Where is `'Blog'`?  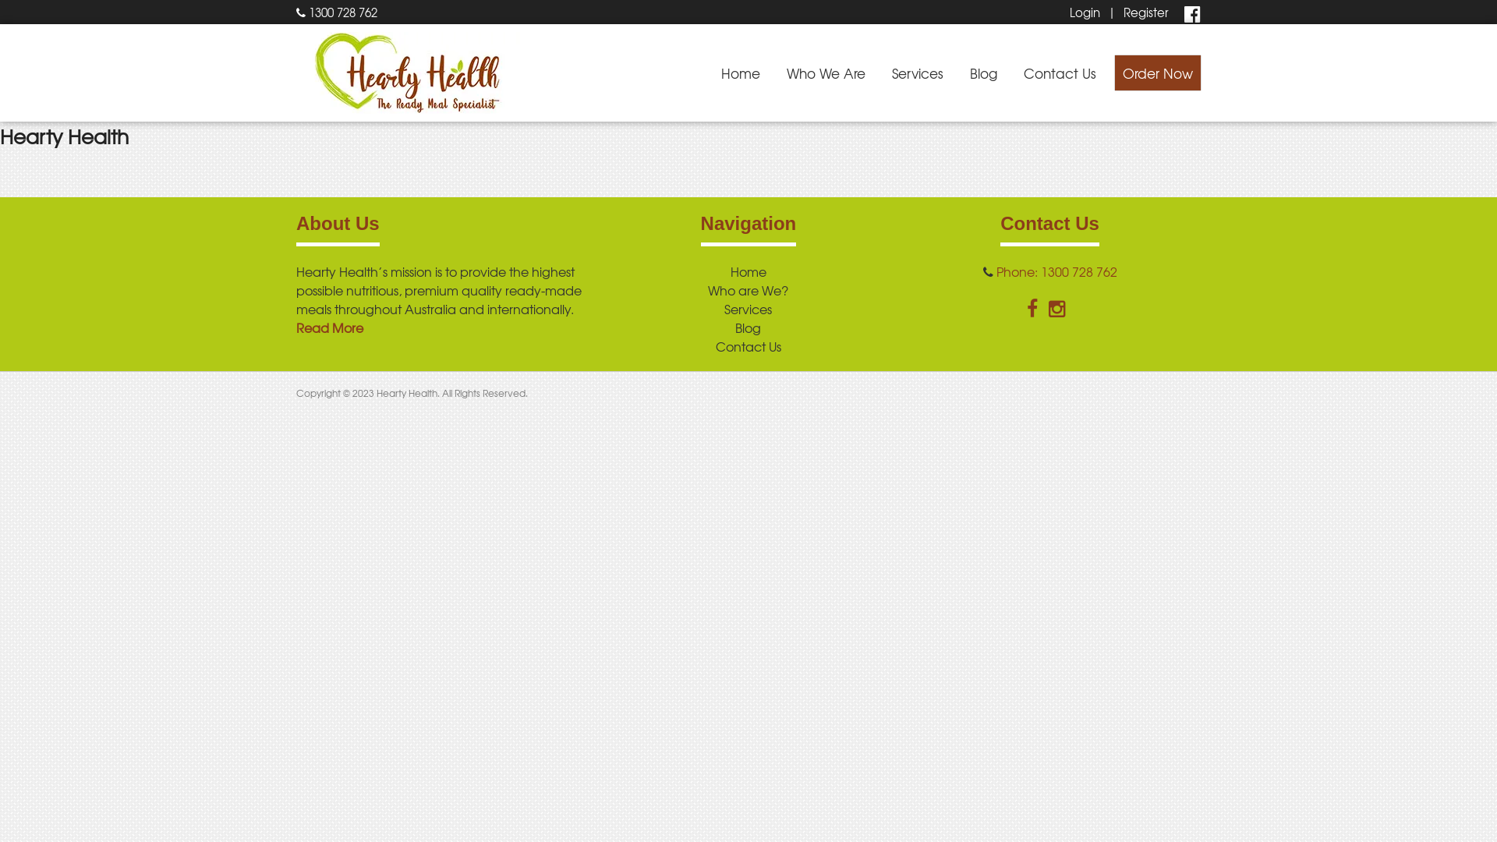
'Blog' is located at coordinates (982, 73).